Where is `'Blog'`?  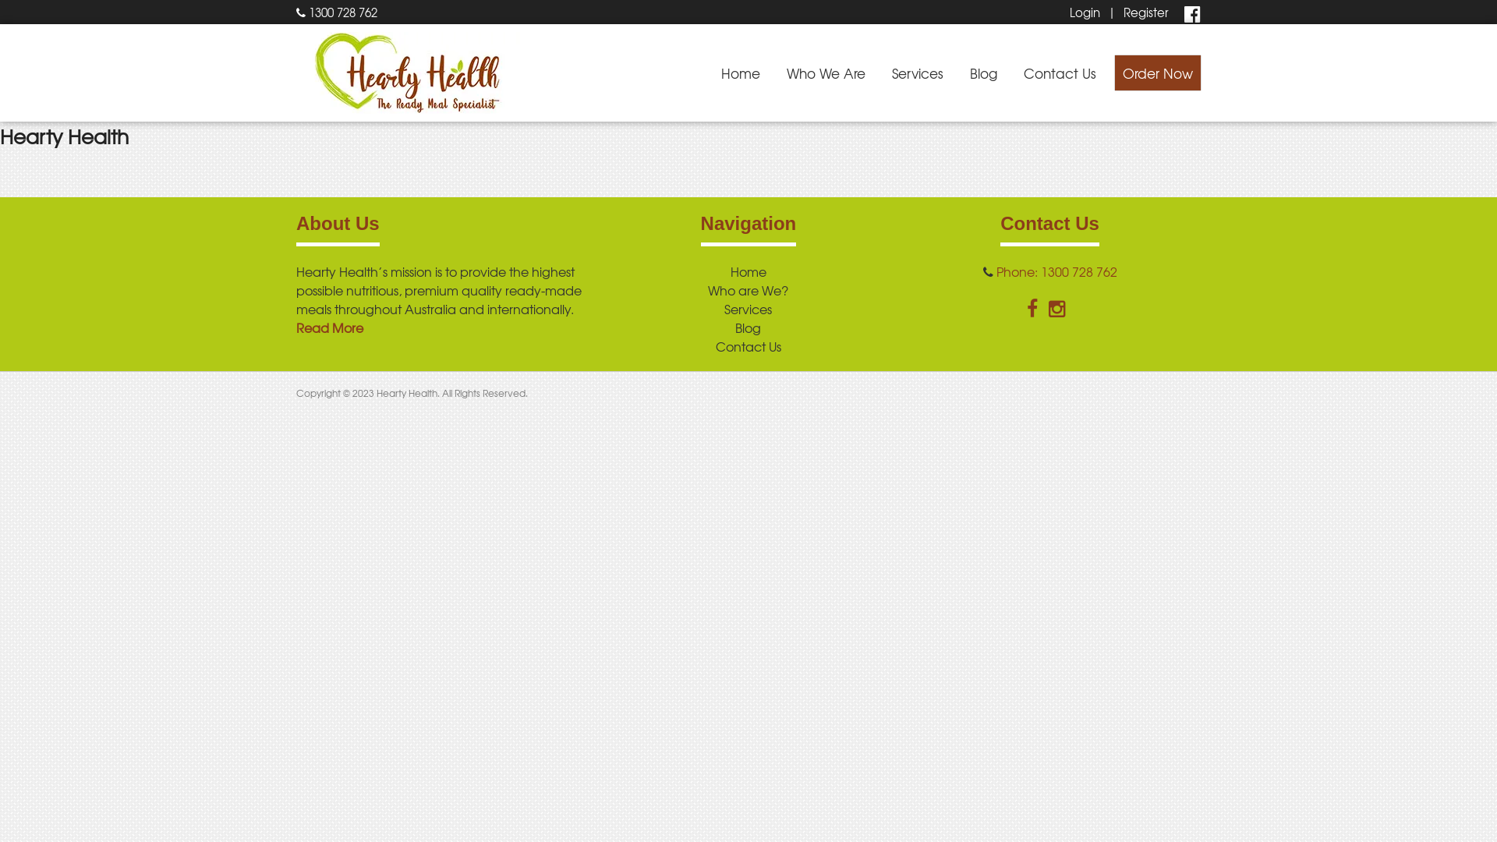
'Blog' is located at coordinates (982, 73).